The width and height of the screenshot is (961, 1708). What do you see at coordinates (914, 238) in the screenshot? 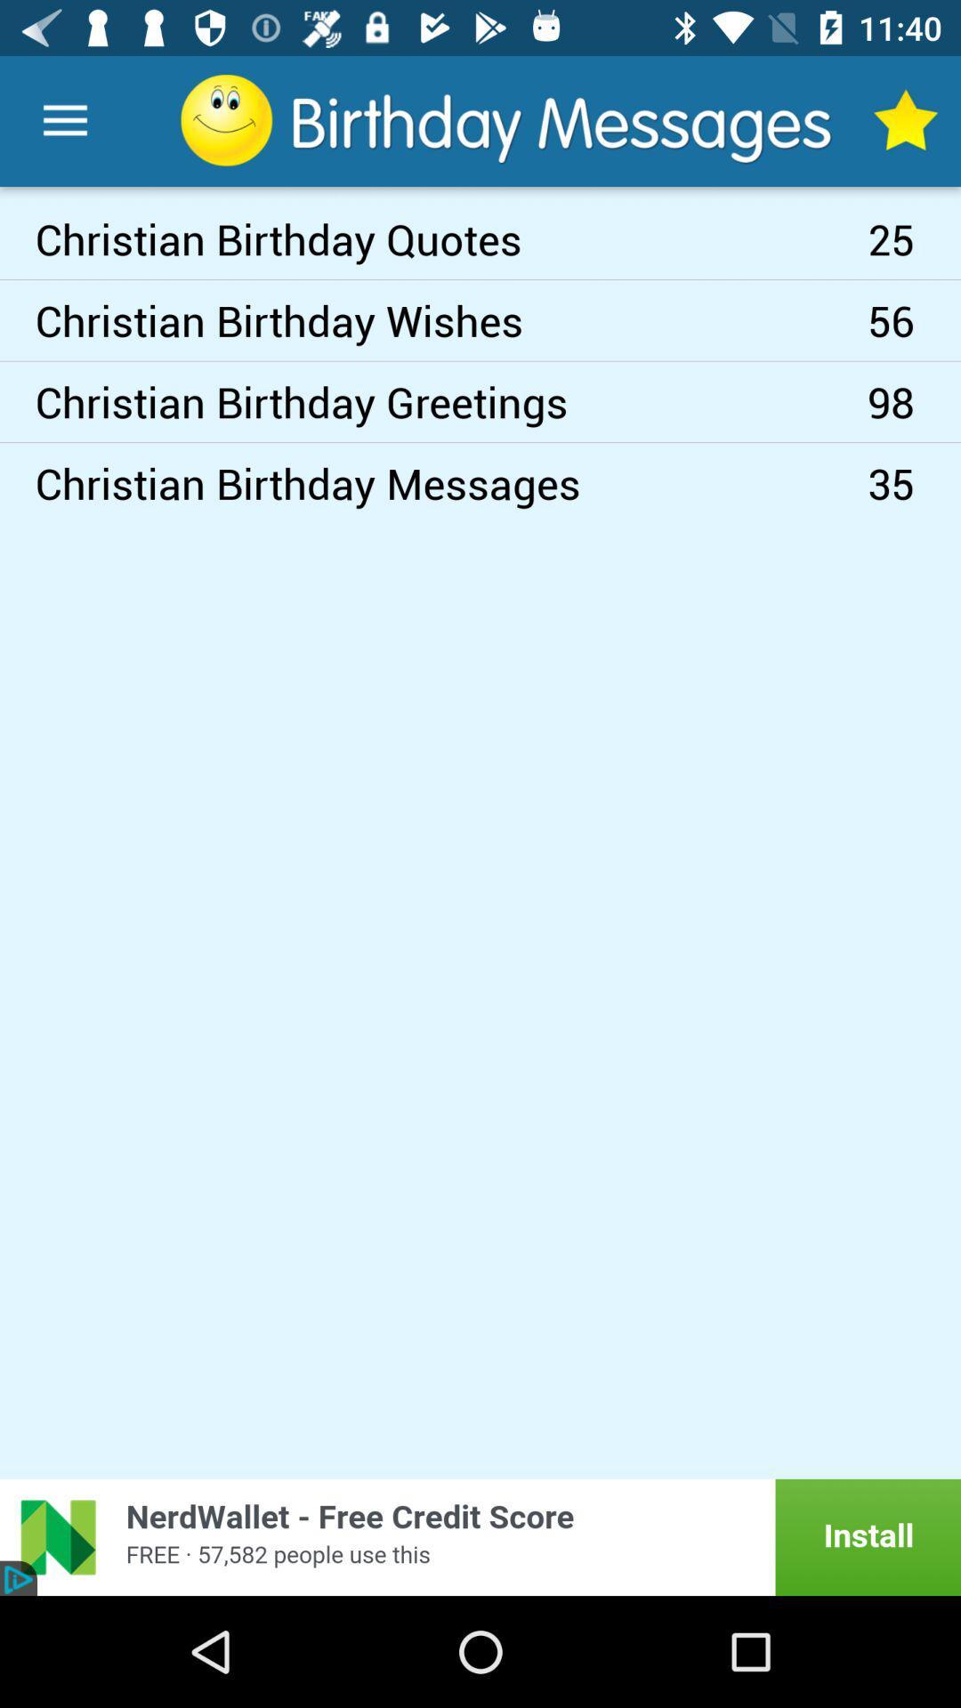
I see `25 icon` at bounding box center [914, 238].